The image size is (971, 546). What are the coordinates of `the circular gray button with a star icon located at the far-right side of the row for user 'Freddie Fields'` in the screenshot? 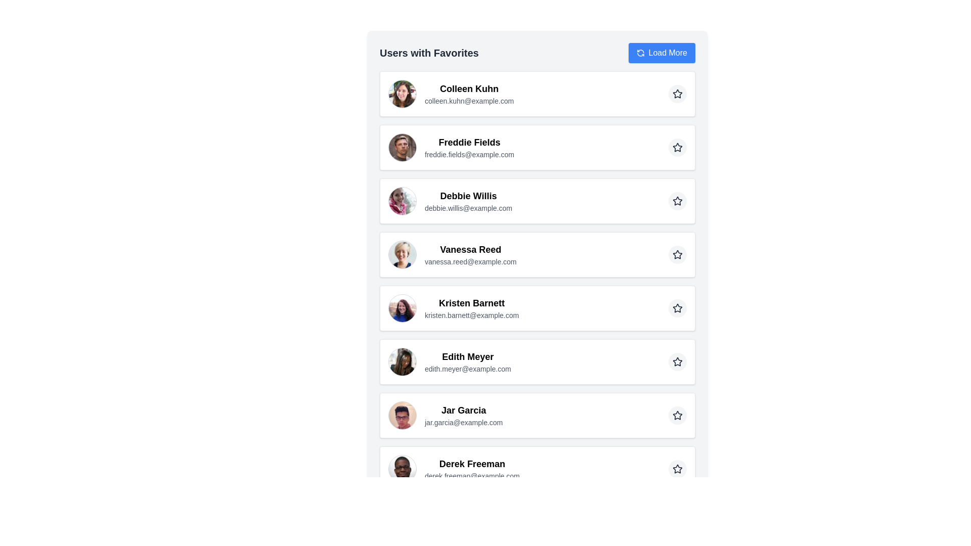 It's located at (677, 148).